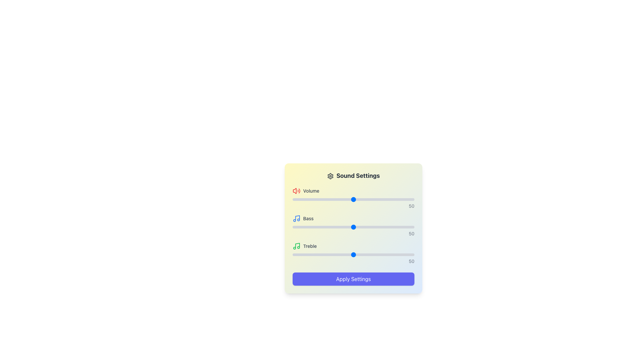 The image size is (632, 355). I want to click on the bass level, so click(343, 226).